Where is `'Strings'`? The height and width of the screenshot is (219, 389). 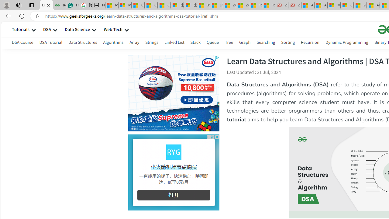 'Strings' is located at coordinates (152, 43).